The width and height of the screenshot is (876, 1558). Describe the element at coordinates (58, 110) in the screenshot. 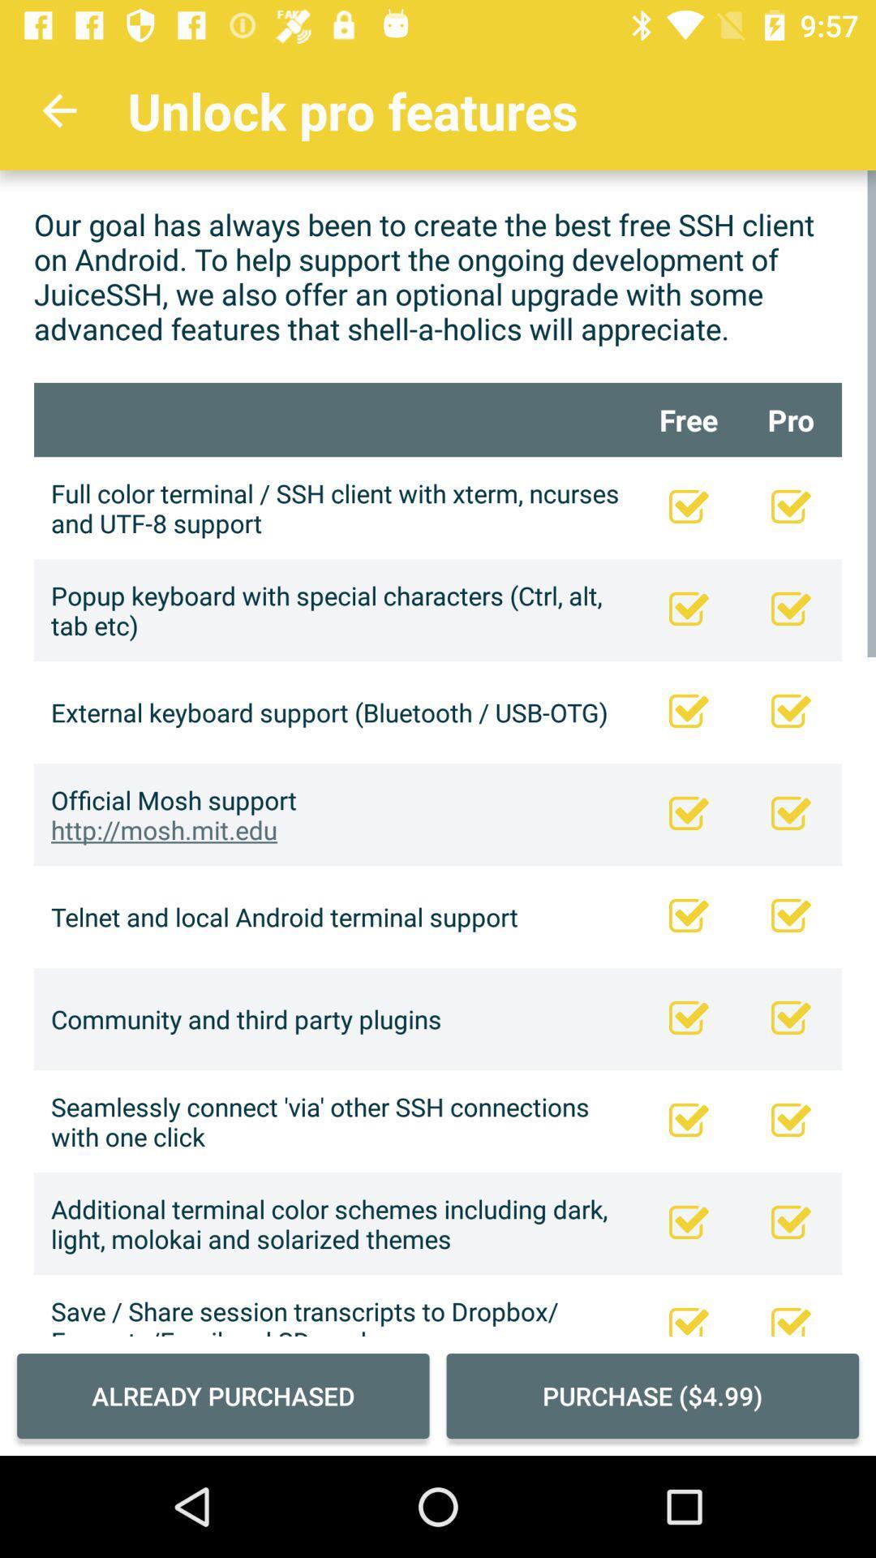

I see `icon above the our goal has` at that location.